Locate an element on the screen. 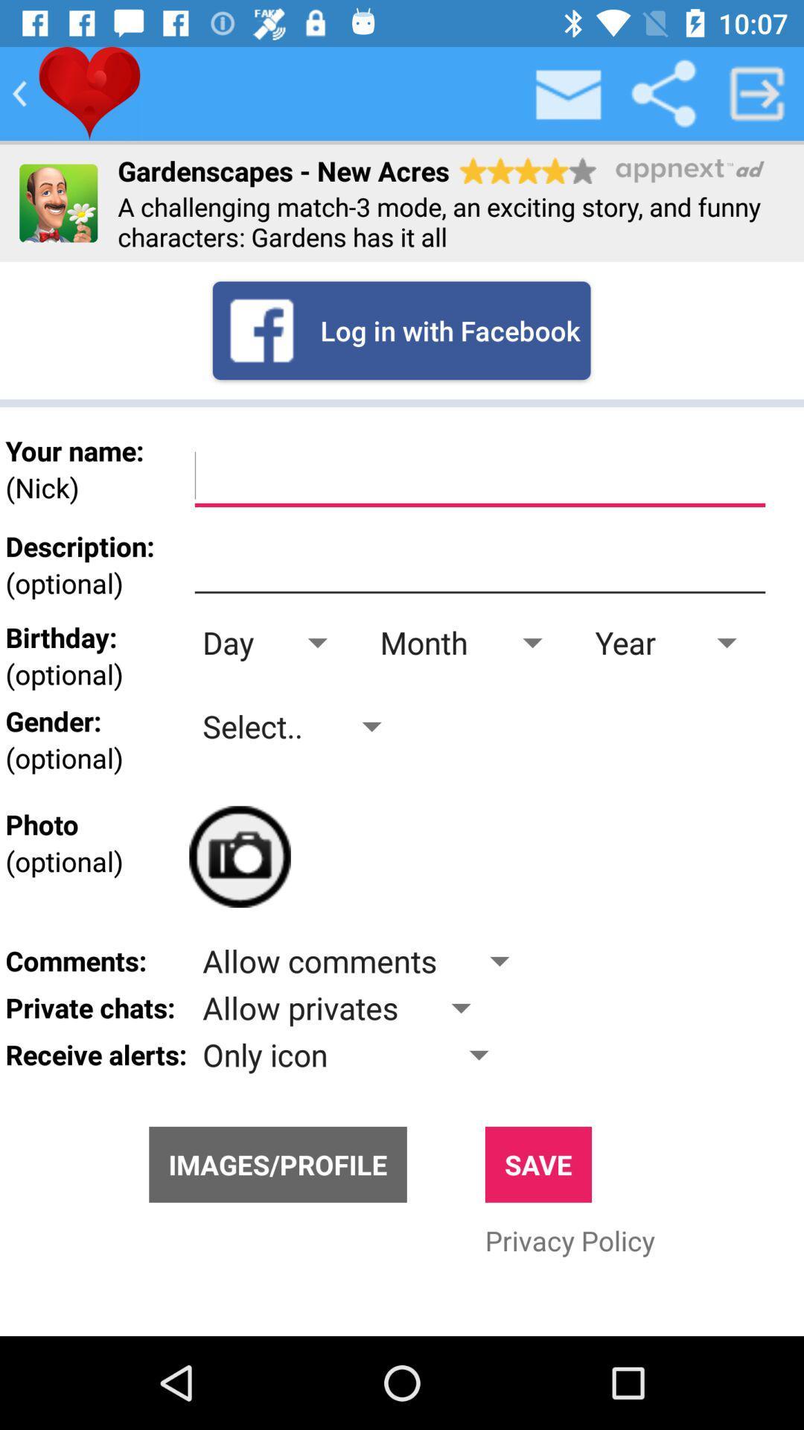 The width and height of the screenshot is (804, 1430). back button is located at coordinates (19, 92).